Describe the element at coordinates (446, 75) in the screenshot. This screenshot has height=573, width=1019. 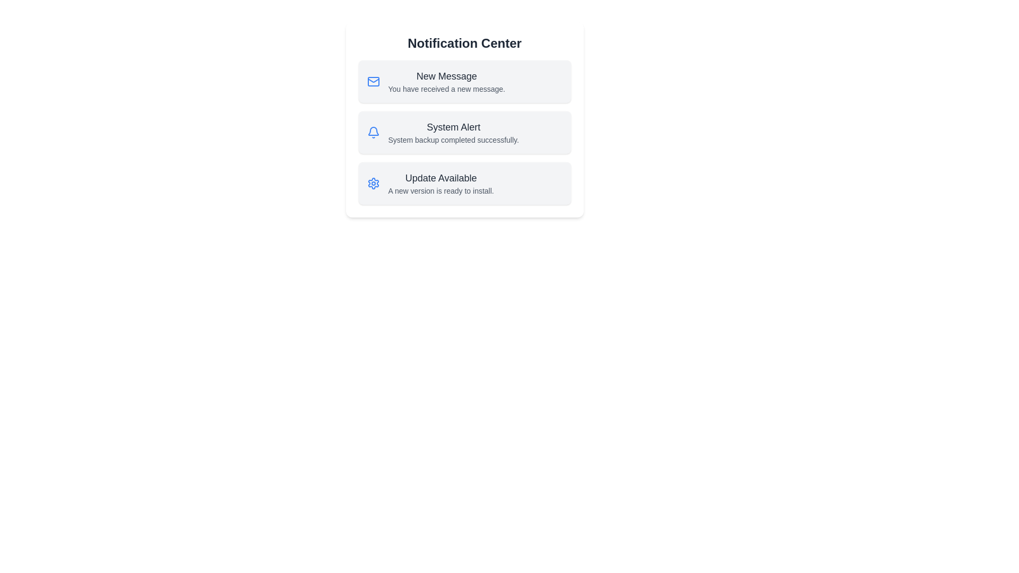
I see `text label 'New Message' displayed prominently in dark gray within the notification card located at the top of the Notification Center` at that location.